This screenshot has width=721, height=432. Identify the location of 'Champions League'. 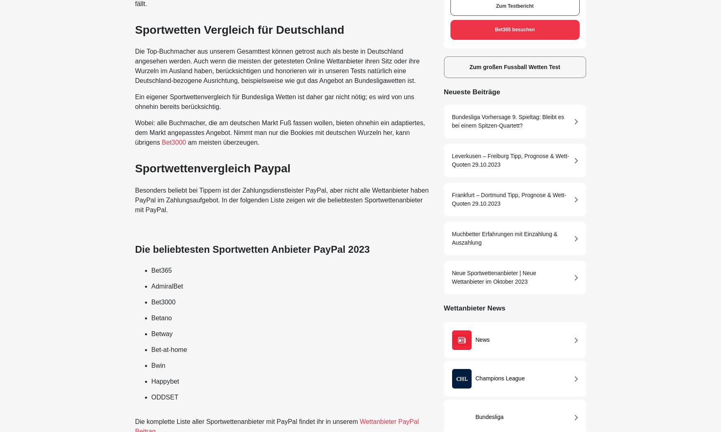
(500, 378).